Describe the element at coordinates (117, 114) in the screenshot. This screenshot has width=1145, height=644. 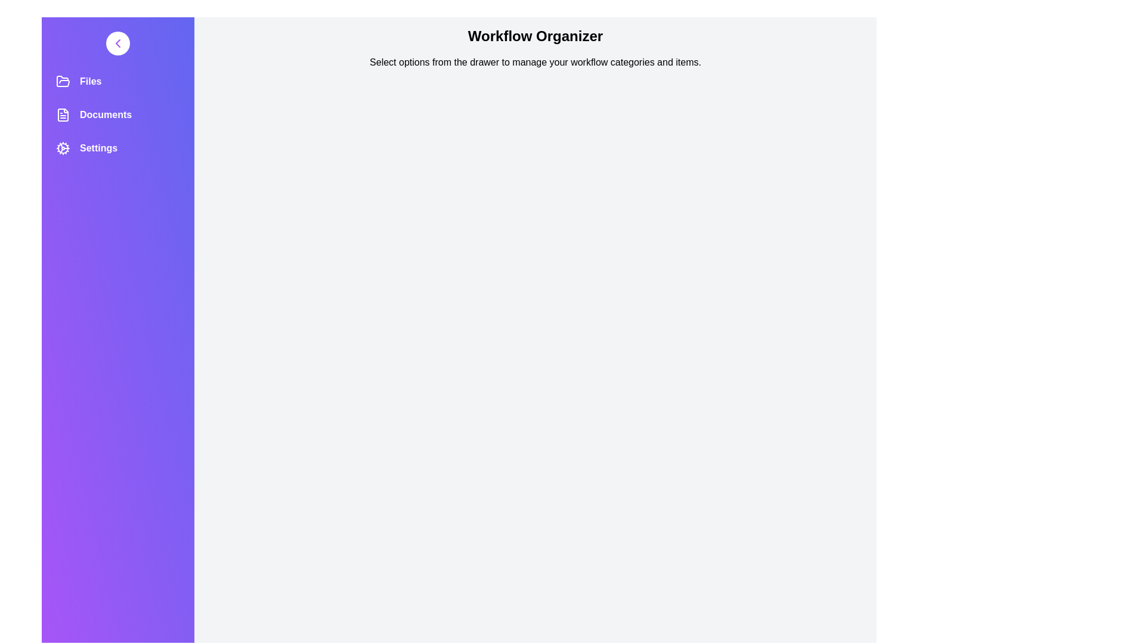
I see `the 'Documents' category in the navigation drawer` at that location.